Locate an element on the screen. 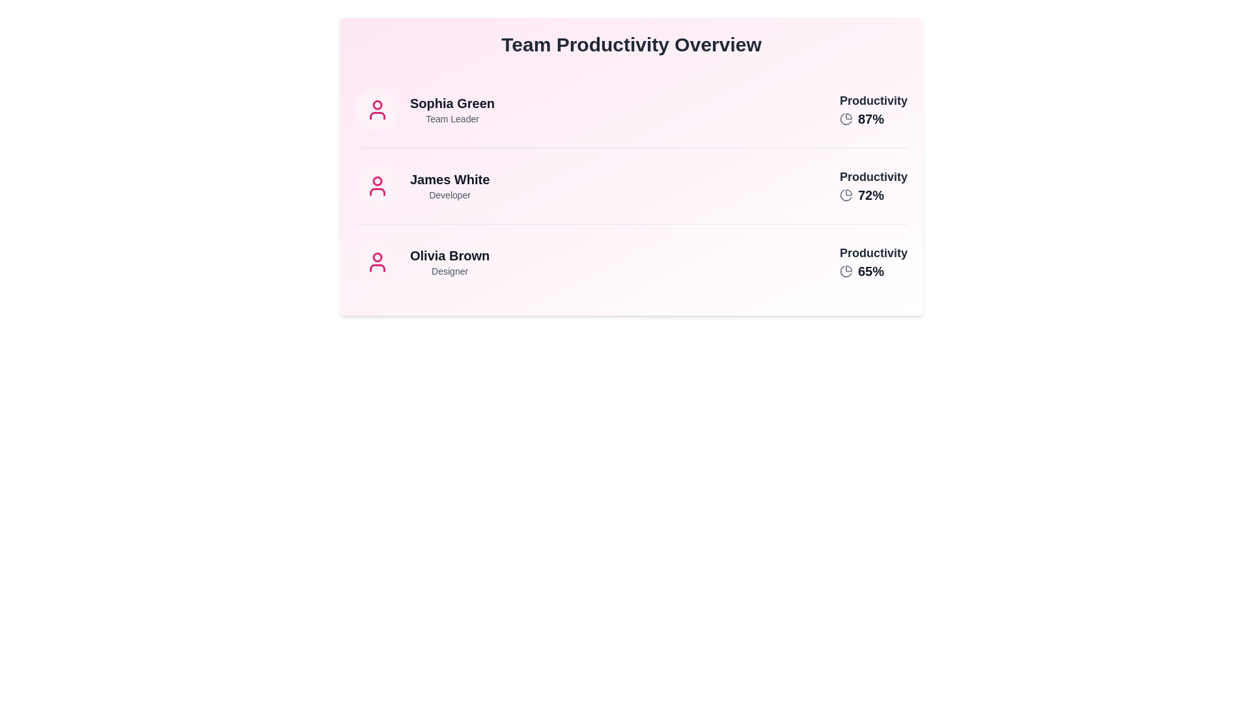 The width and height of the screenshot is (1250, 703). the information display row for 'Olivia Brown', which is the third row is located at coordinates (631, 262).